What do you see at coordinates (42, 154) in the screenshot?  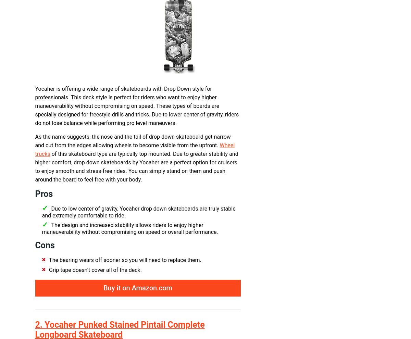 I see `'trucks'` at bounding box center [42, 154].